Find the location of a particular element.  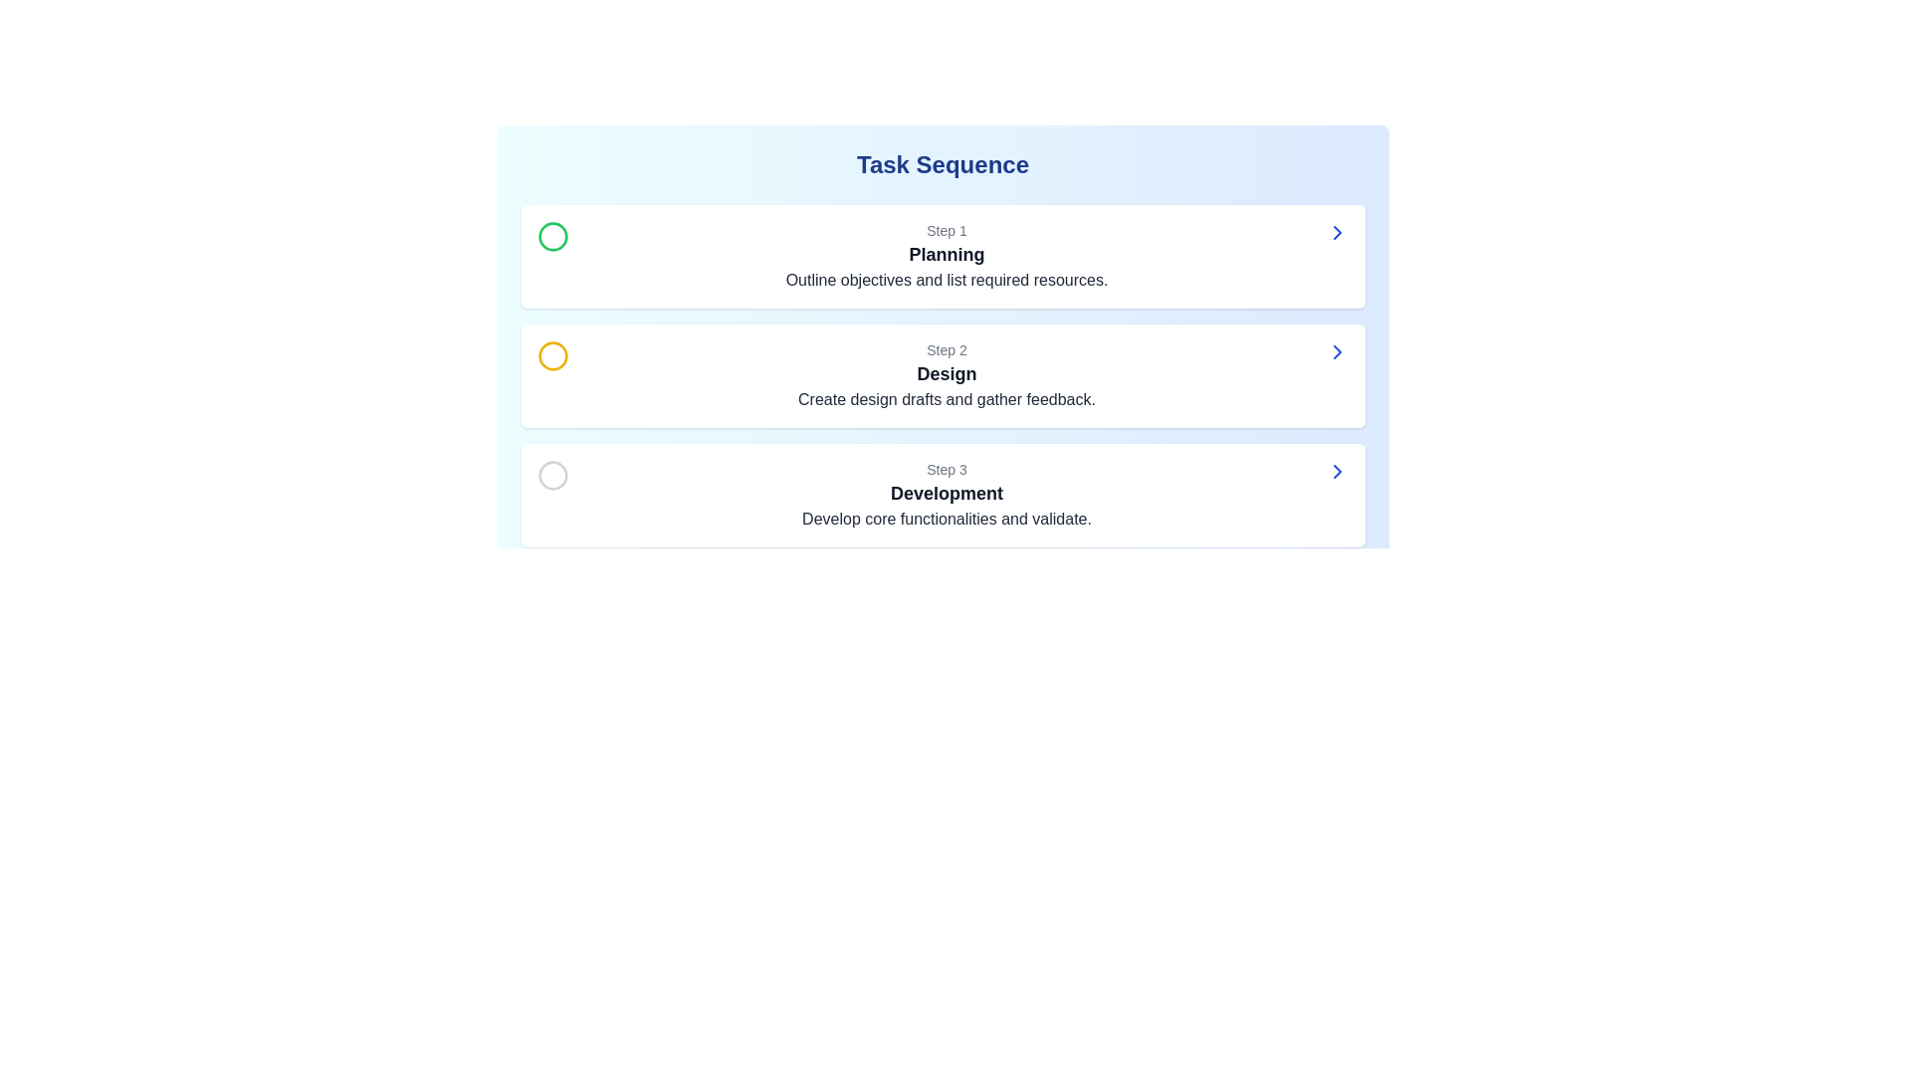

the Circle icon, which is the third circular shape aligned vertically in the task steps below 'Step 3 Development.' is located at coordinates (552, 476).